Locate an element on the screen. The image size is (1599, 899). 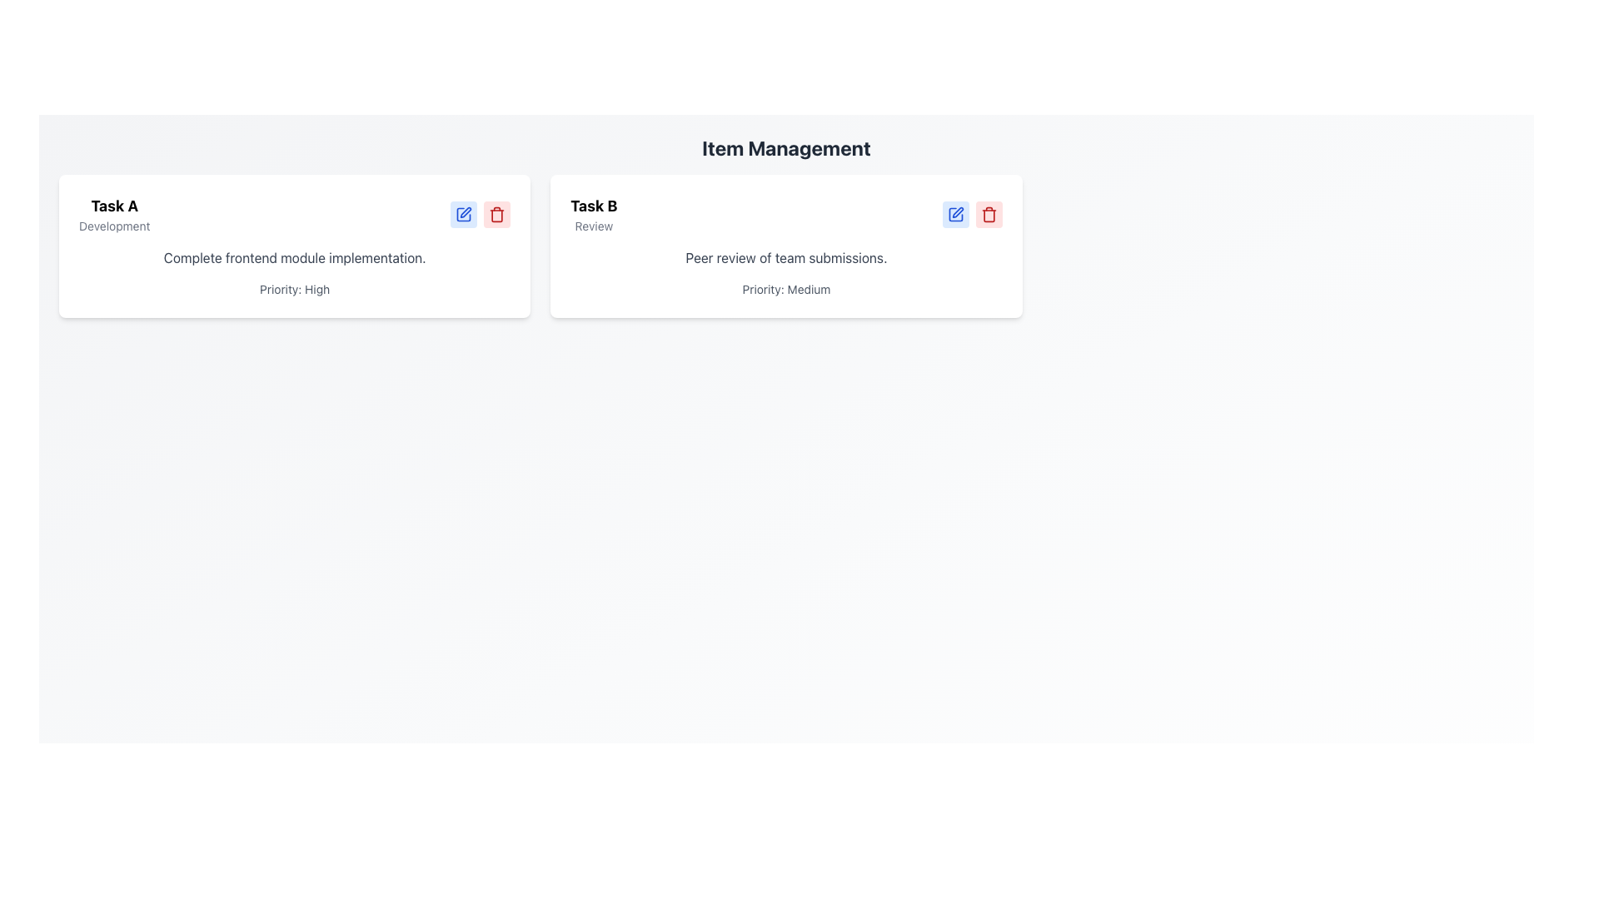
the static text label that displays 'Priority: High', which is located within a white card below the task description of 'Complete frontend module implementation.' is located at coordinates (295, 288).